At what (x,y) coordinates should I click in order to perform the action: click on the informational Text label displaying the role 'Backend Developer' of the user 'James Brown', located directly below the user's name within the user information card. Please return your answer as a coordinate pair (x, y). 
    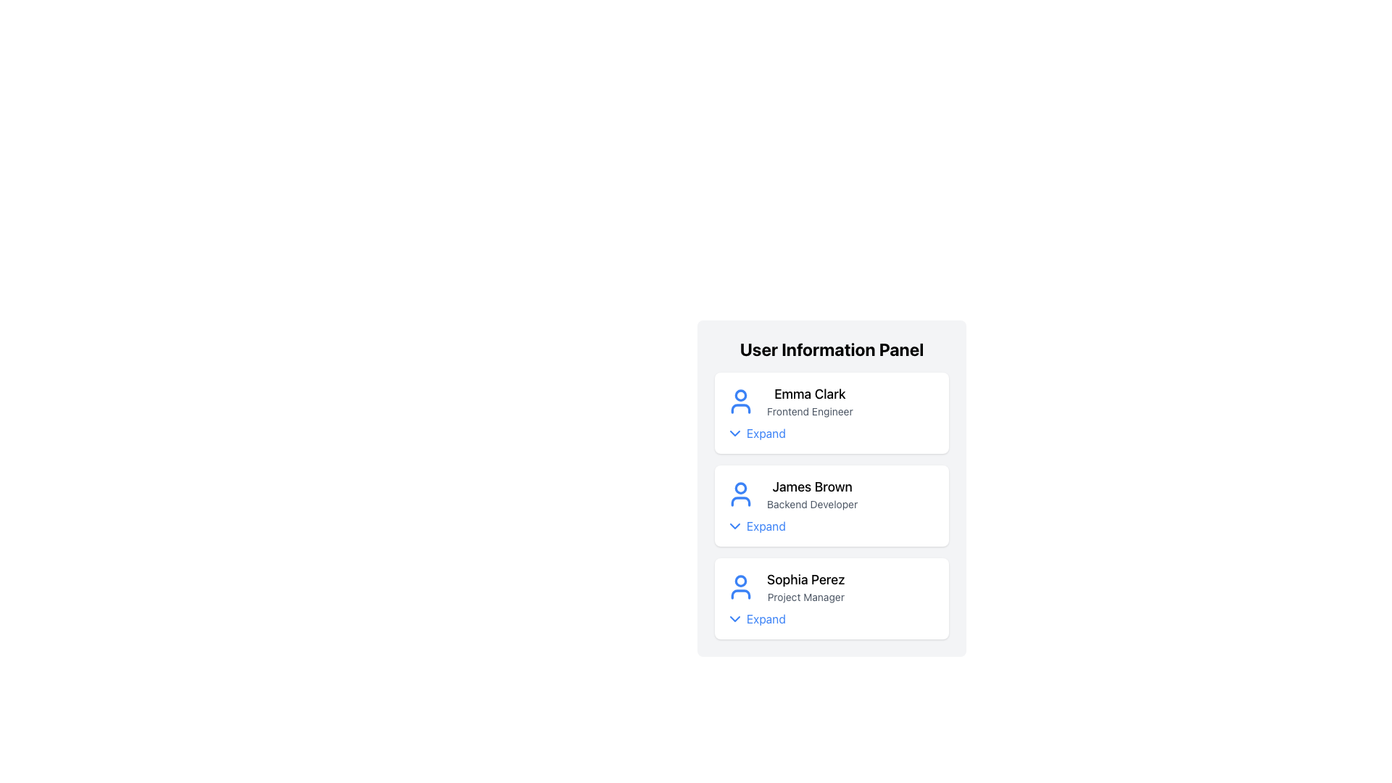
    Looking at the image, I should click on (812, 503).